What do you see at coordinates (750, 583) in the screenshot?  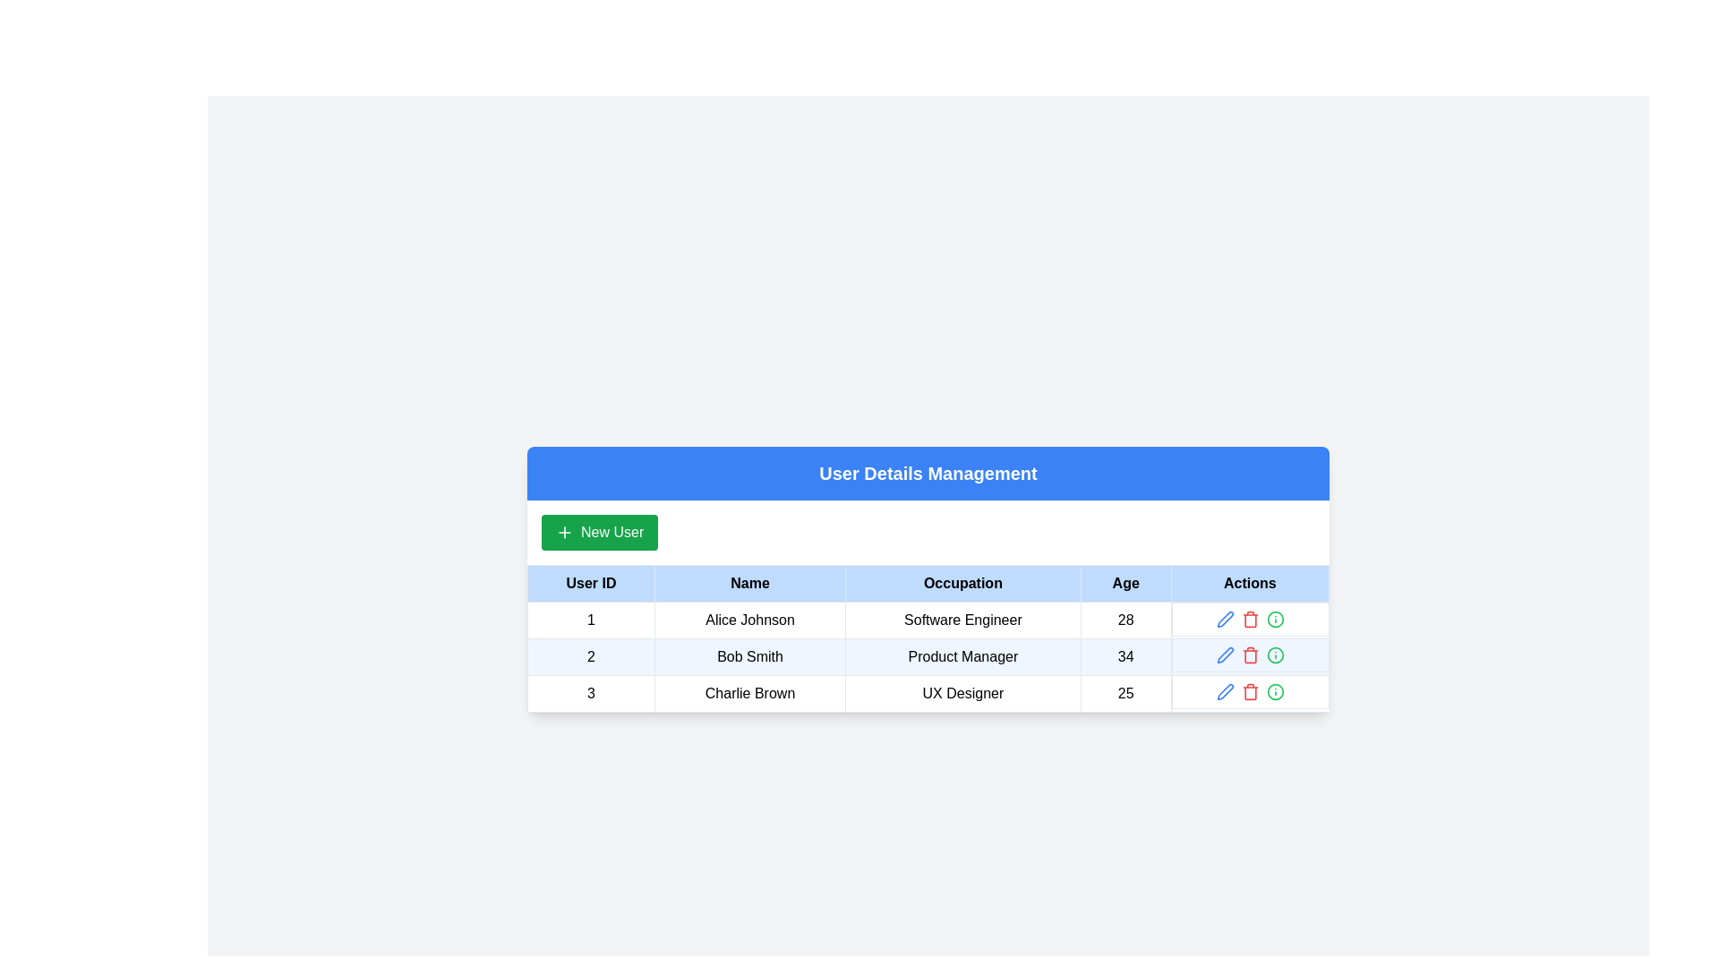 I see `the static table header cell labeled 'Name', which is the second column in the header row of the table` at bounding box center [750, 583].